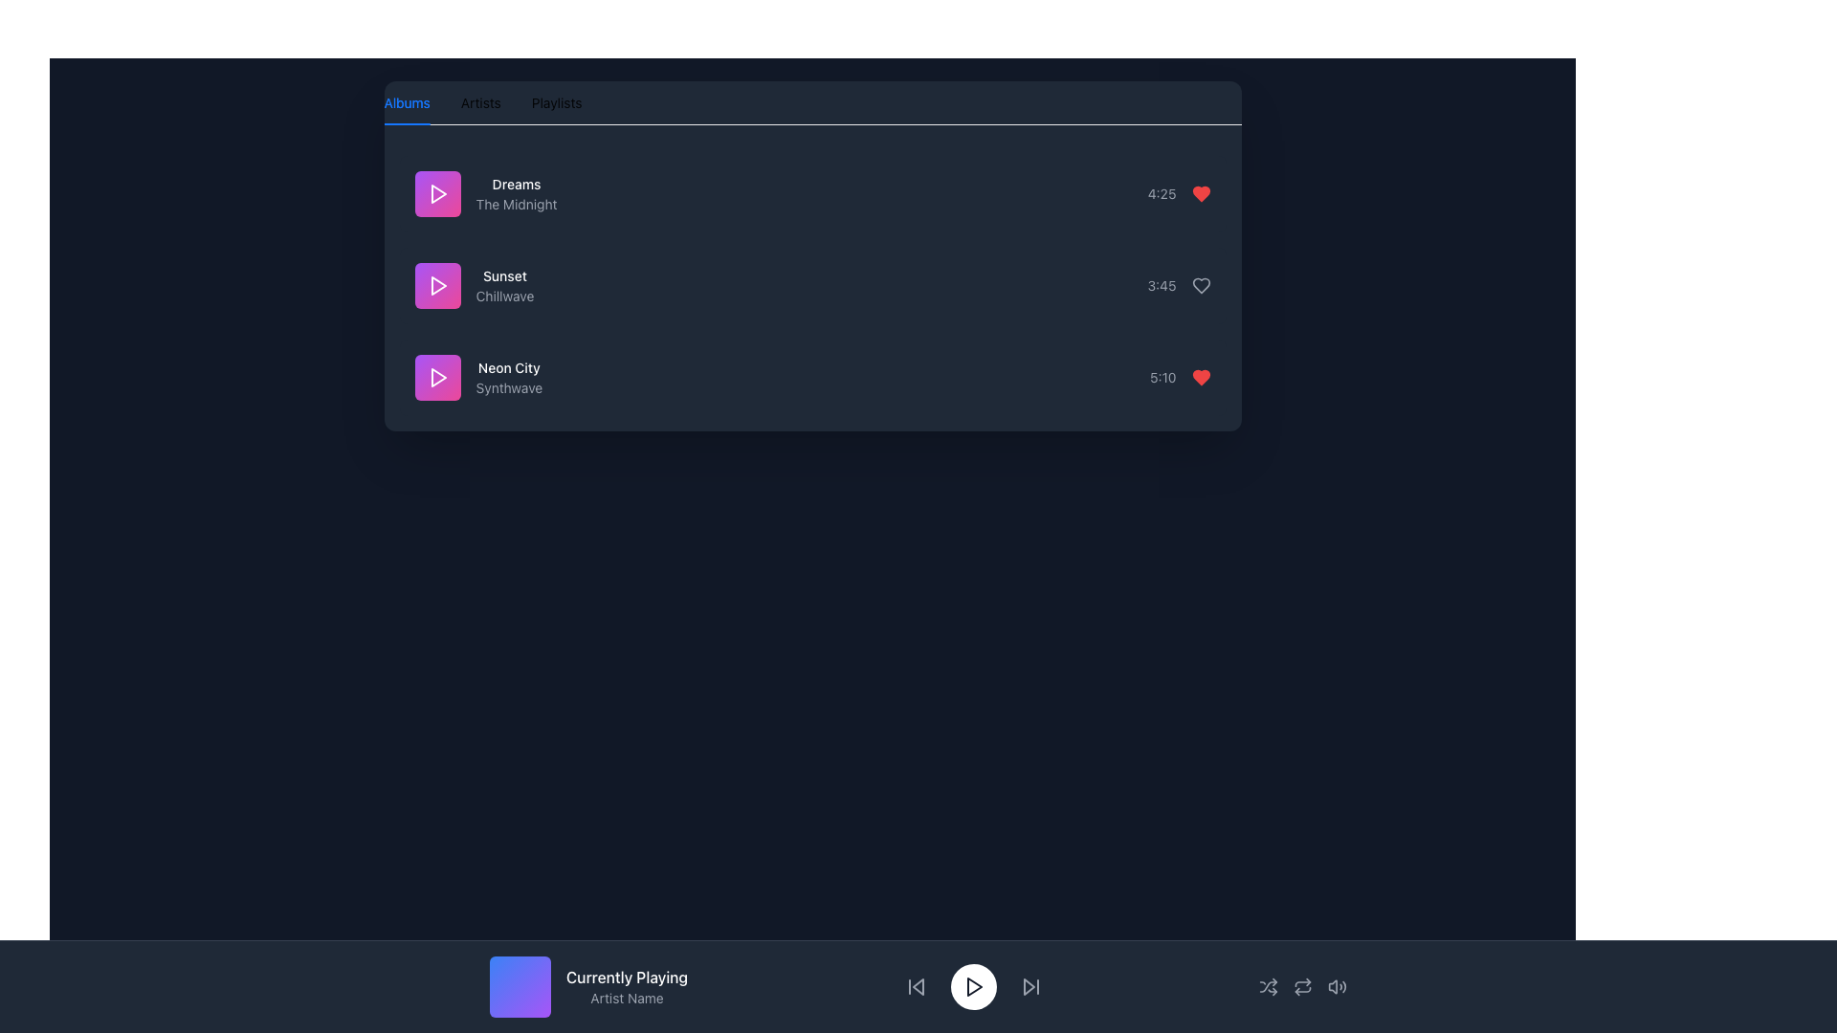 This screenshot has height=1033, width=1837. What do you see at coordinates (973, 987) in the screenshot?
I see `the play icon located at the center of the circular button in the media control panel to assist with playback actions` at bounding box center [973, 987].